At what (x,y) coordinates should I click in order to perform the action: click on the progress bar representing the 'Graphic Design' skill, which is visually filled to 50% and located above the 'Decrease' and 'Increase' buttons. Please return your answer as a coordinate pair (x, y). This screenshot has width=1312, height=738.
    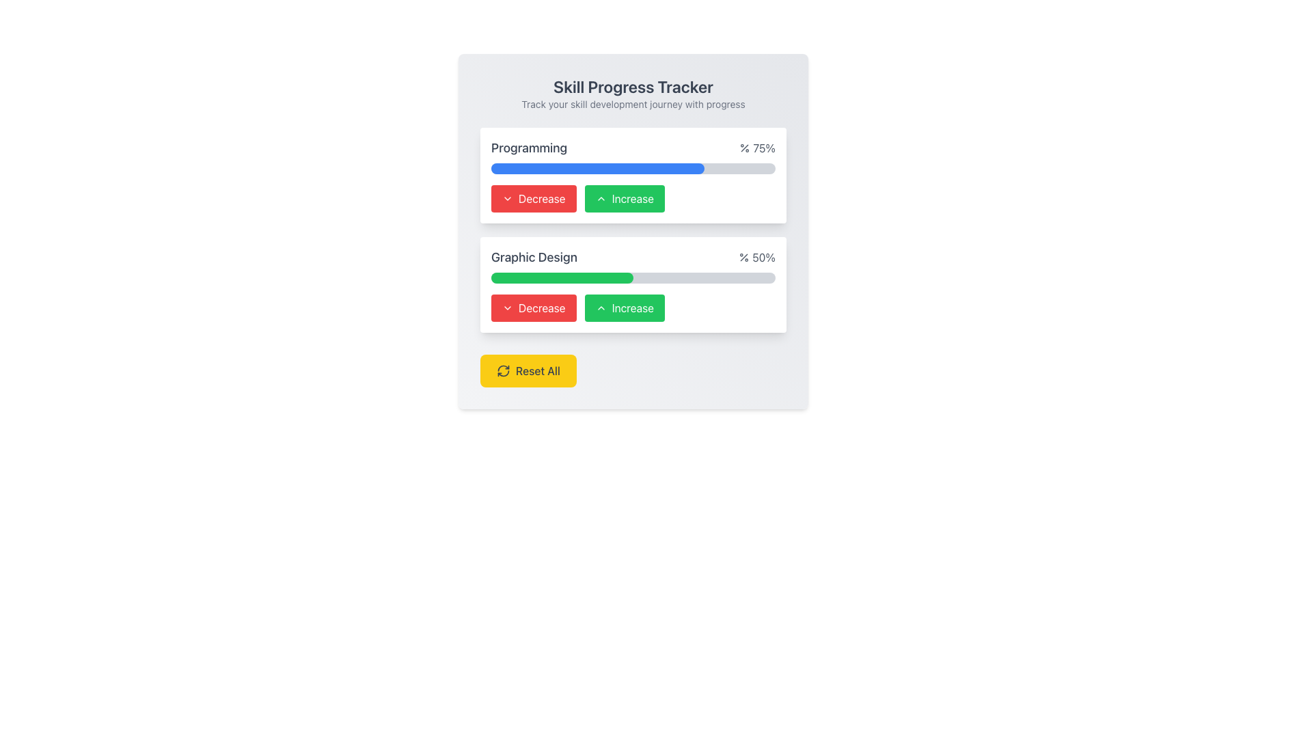
    Looking at the image, I should click on (632, 277).